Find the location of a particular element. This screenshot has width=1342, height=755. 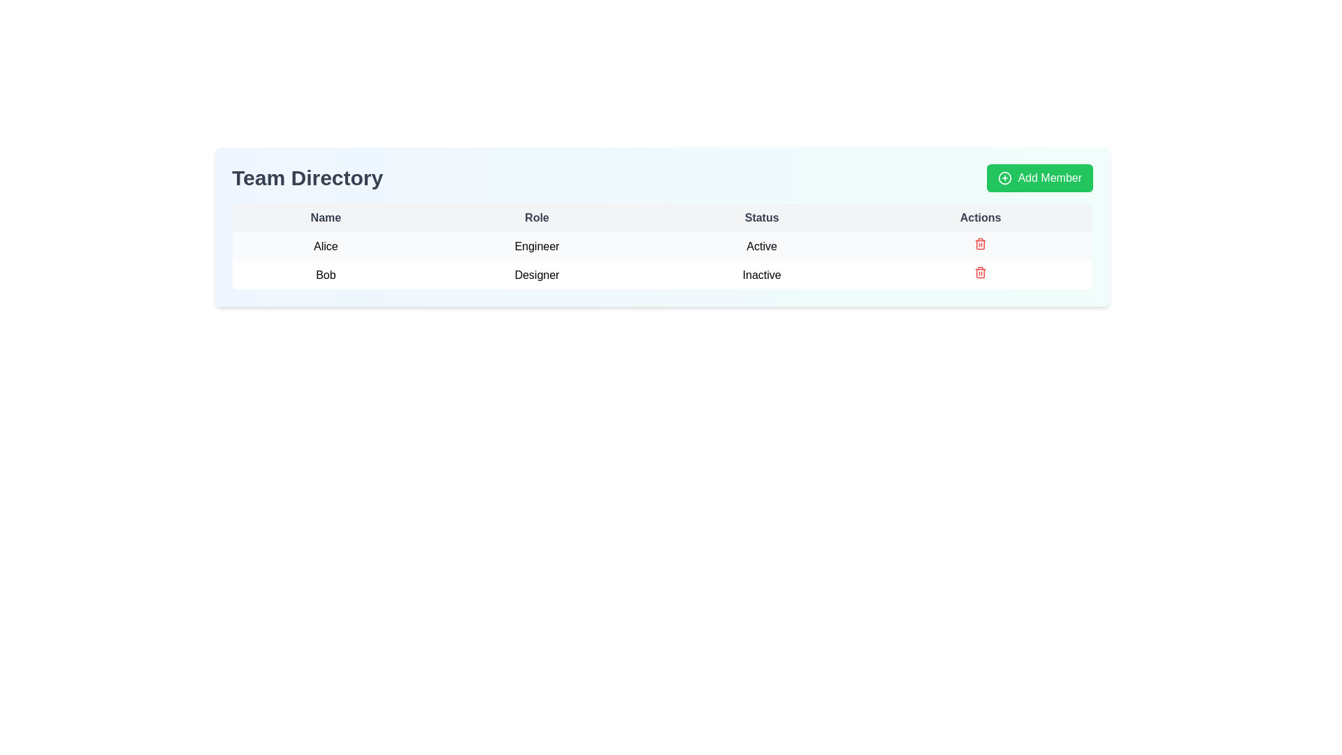

the SVG Circle element that is part of the 'Add Member' button, located in the top-right section of the page is located at coordinates (1004, 177).